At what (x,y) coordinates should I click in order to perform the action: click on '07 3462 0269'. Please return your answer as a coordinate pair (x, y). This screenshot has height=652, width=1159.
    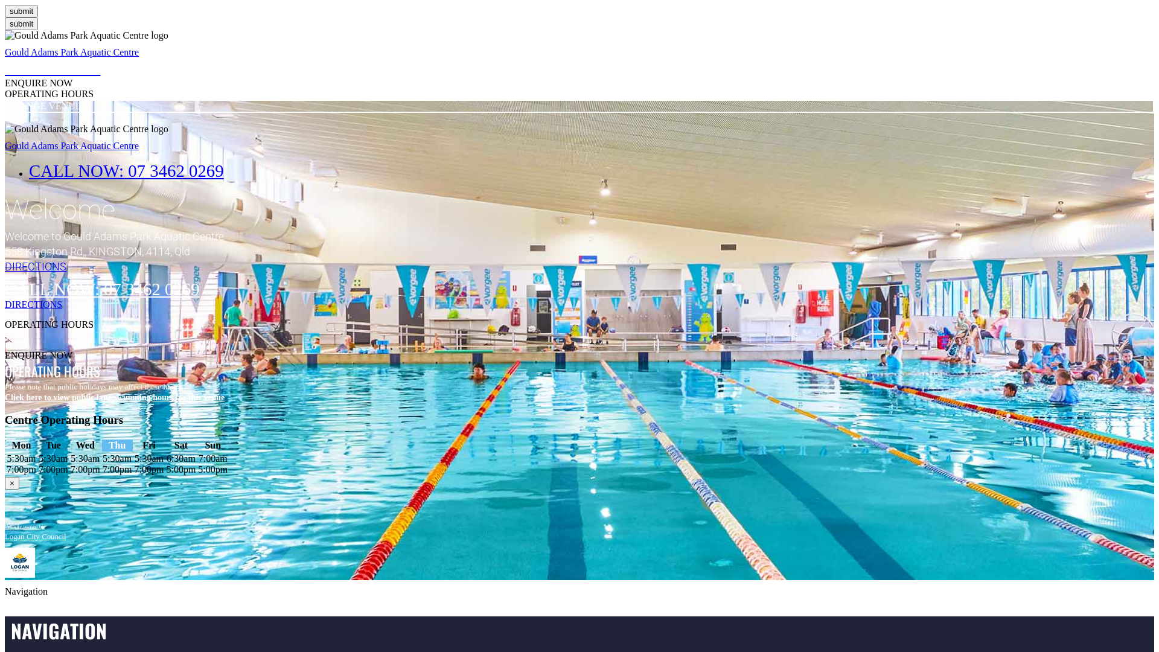
    Looking at the image, I should click on (51, 67).